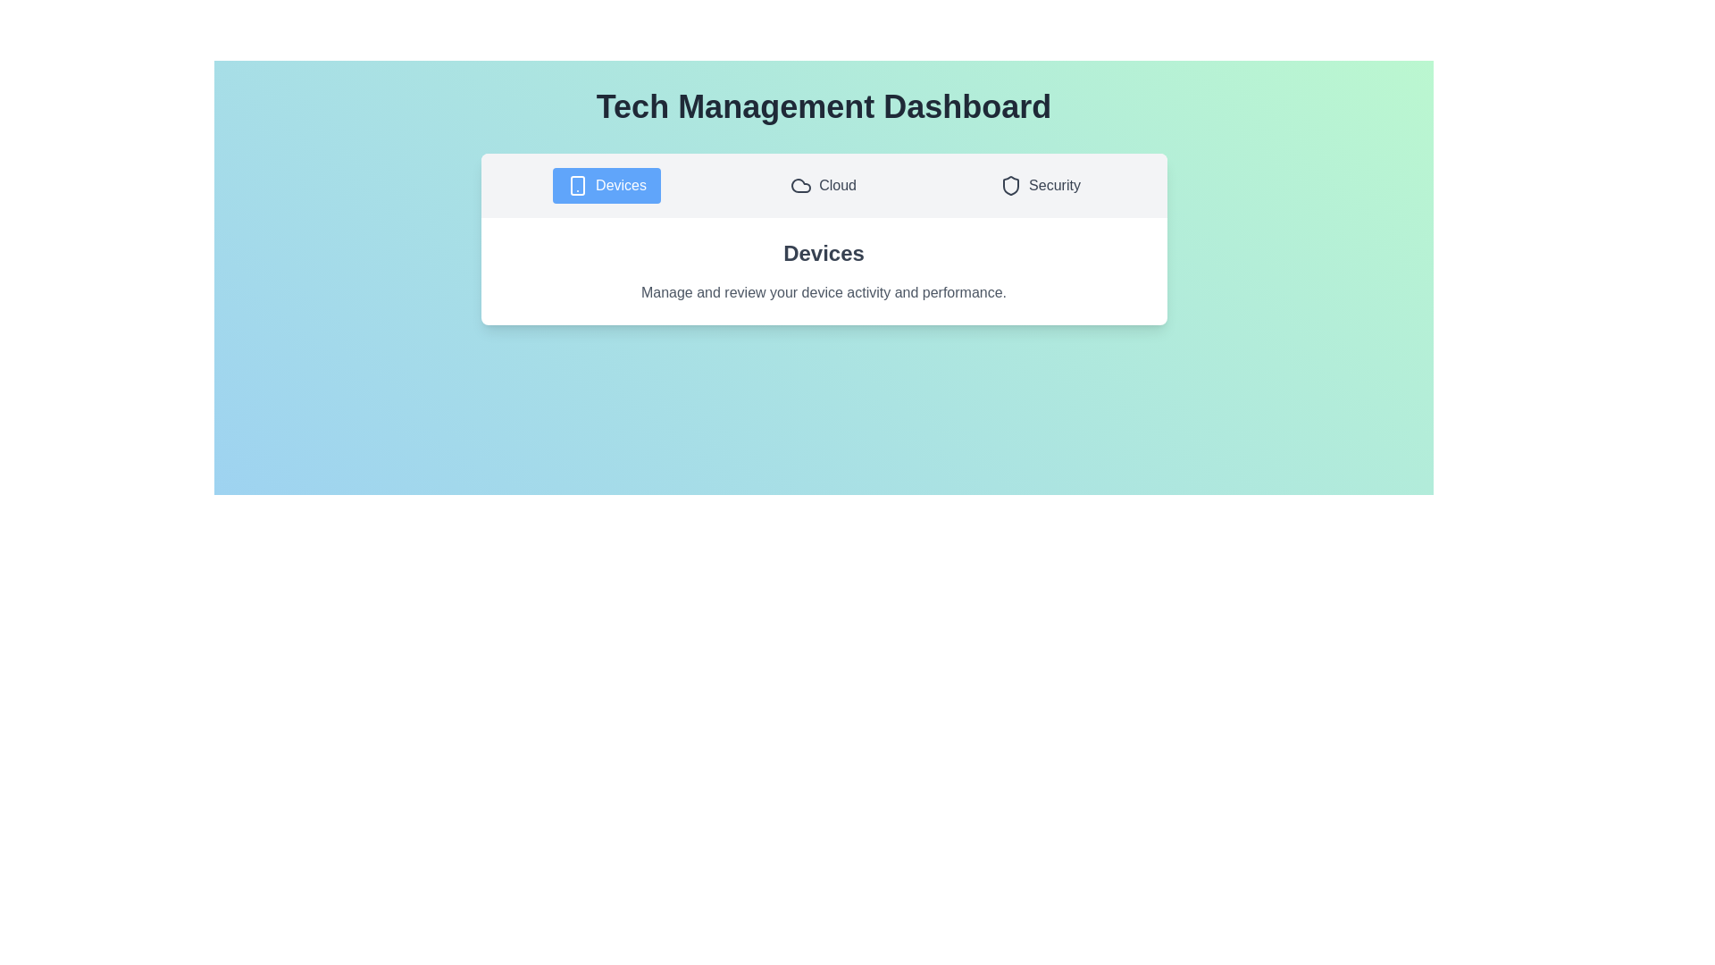  What do you see at coordinates (1041, 186) in the screenshot?
I see `the tab labeled Security to observe its hover effect` at bounding box center [1041, 186].